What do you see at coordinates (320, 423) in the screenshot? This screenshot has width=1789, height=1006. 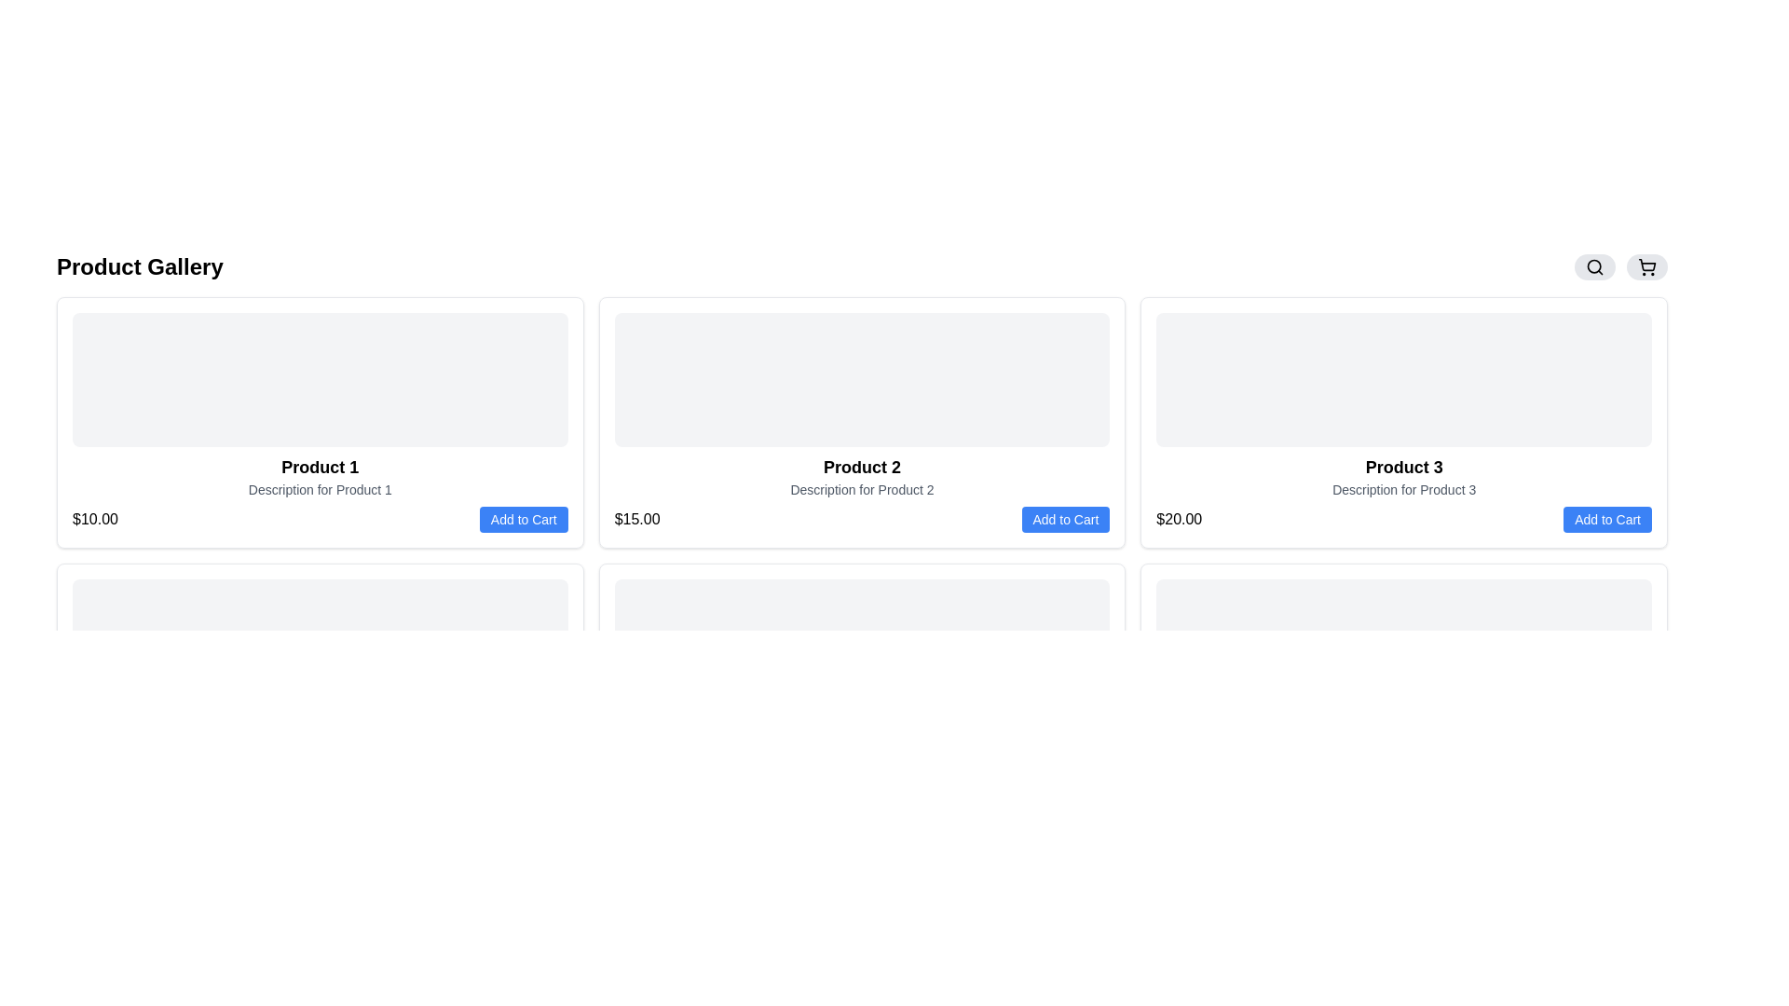 I see `the Card Component displaying 'Product 1', which is located in the first row and first column of the product grid` at bounding box center [320, 423].